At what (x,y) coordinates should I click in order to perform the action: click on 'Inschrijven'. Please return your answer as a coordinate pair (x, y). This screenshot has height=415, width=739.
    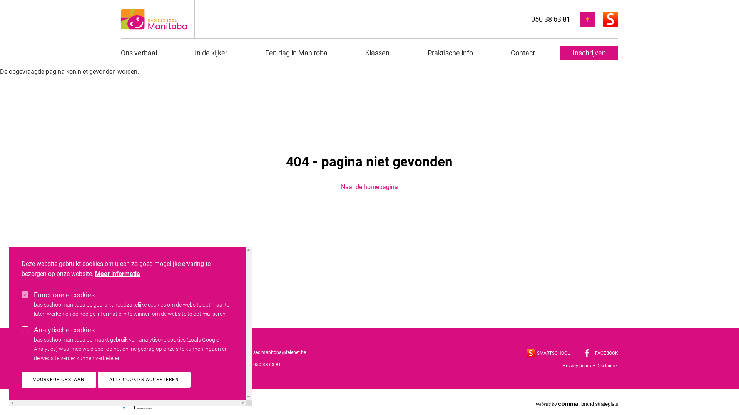
    Looking at the image, I should click on (589, 53).